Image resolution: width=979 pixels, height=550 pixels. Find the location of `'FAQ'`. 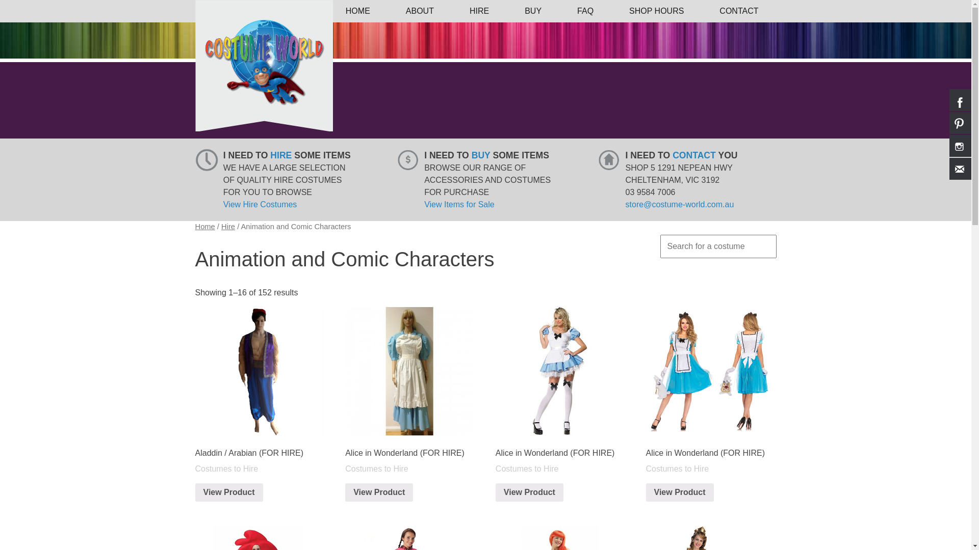

'FAQ' is located at coordinates (585, 11).